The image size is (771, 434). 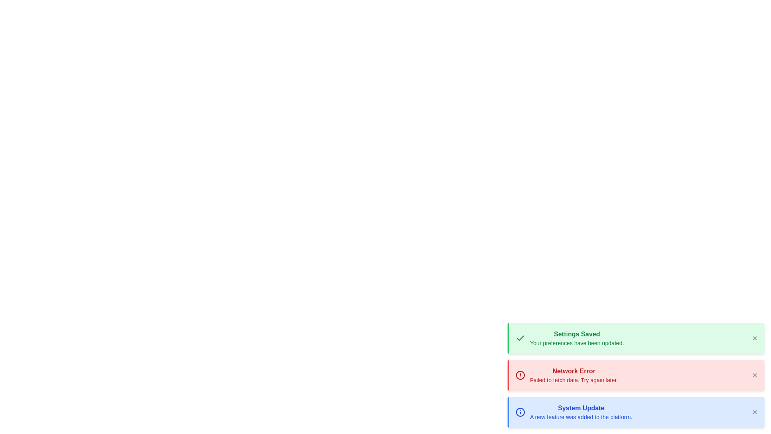 I want to click on the network error notification message located in the lower-right area of the interface, positioned between the 'Settings Saved' and 'System Update' notifications, so click(x=573, y=375).